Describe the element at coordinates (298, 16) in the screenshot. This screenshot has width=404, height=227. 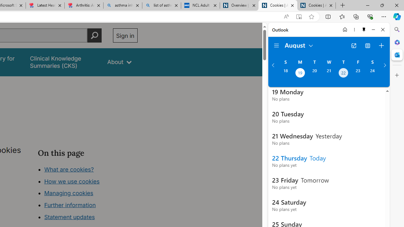
I see `'Enter Immersive Reader (F9)'` at that location.